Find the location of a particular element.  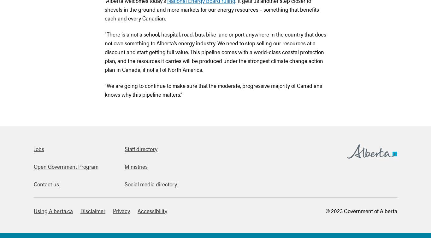

'“There is a not a school, hospital, road, bus, bike lane or port anywhere in the country that does not owe something to Alberta’s energy industry. We need to stop selling our resources at a discount and start getting full value. This pipeline comes with a world-class coastal protection plan, and the resources it carries will be produced under the strongest climate change action plan in Canada, if not all of North America.' is located at coordinates (215, 52).